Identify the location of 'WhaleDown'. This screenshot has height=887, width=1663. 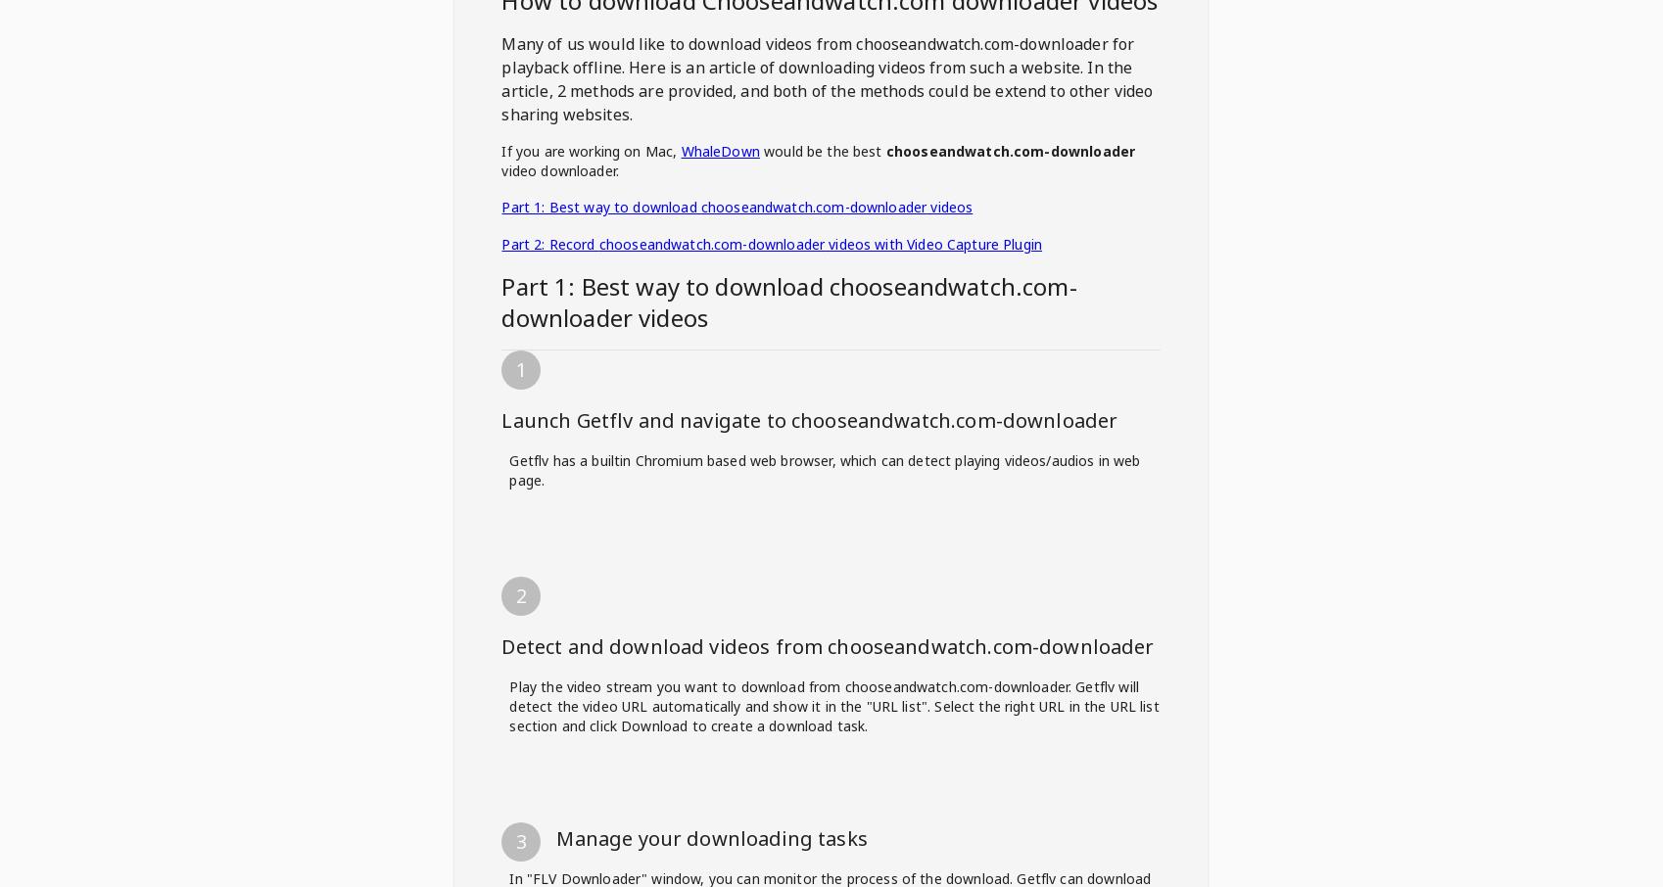
(720, 151).